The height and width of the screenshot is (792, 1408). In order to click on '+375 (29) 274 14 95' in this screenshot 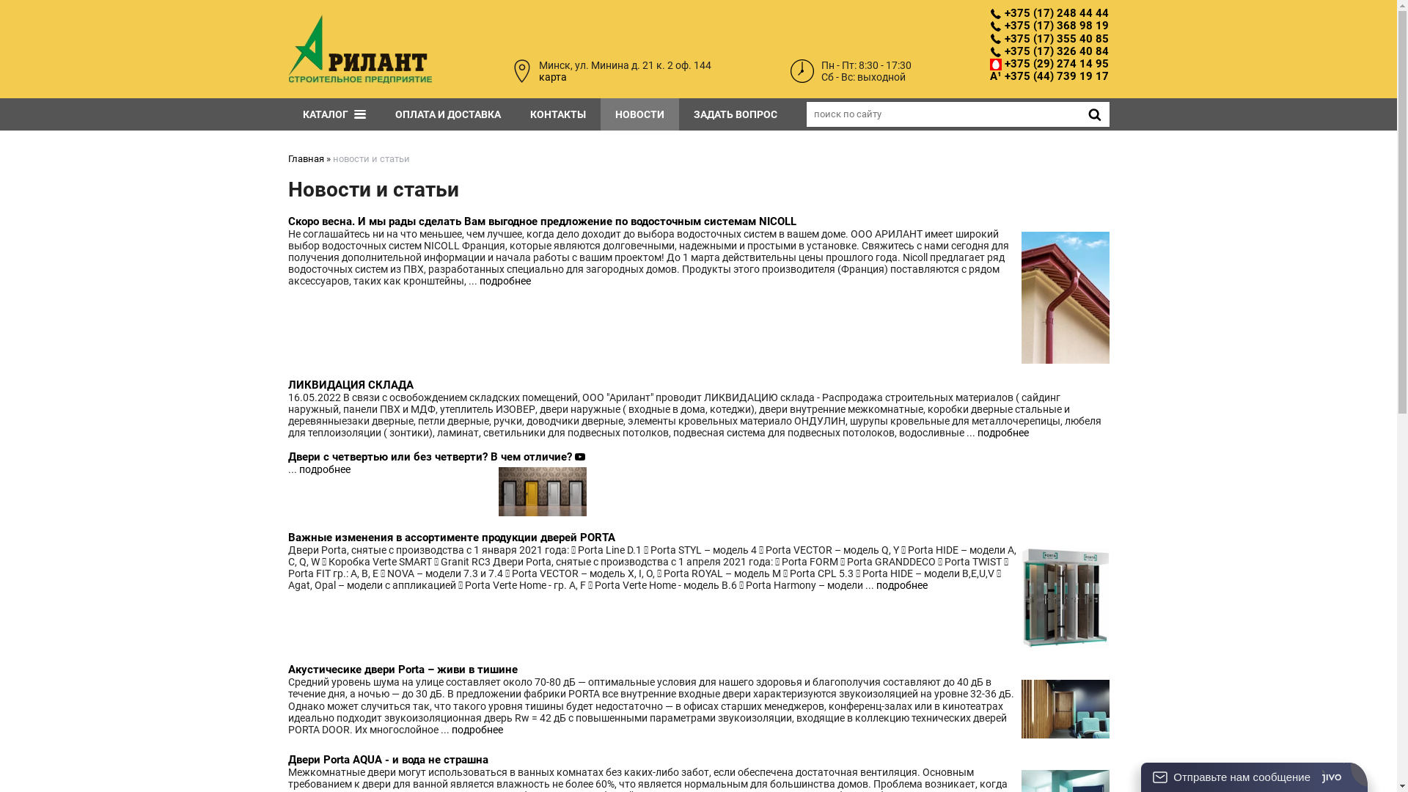, I will do `click(1048, 63)`.